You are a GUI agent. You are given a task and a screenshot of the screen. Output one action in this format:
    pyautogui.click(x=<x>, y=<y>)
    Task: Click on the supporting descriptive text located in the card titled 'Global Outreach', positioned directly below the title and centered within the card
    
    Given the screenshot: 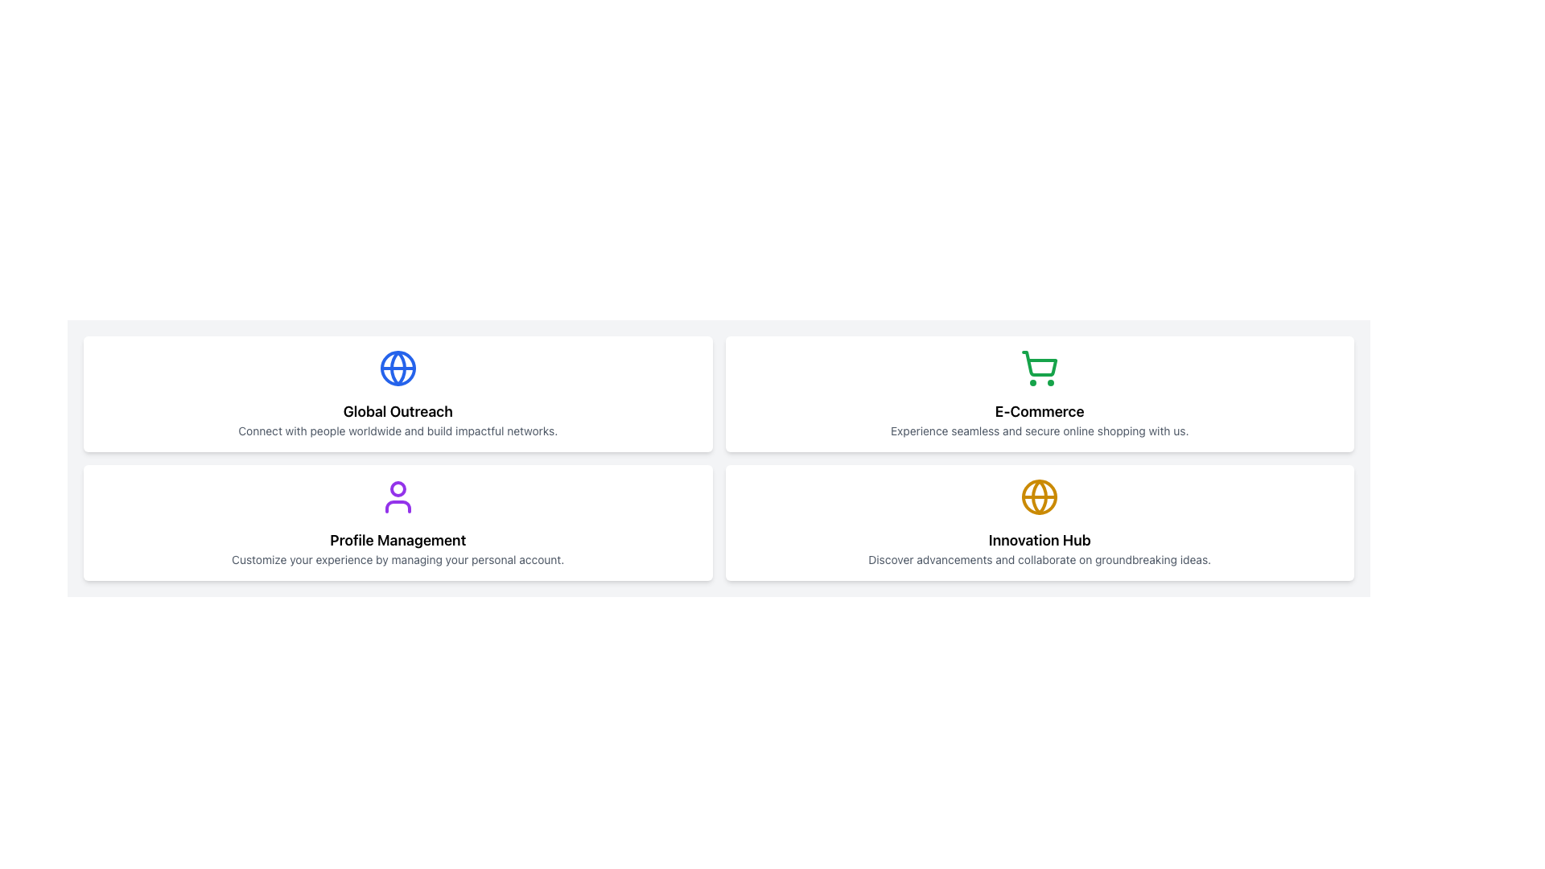 What is the action you would take?
    pyautogui.click(x=398, y=430)
    